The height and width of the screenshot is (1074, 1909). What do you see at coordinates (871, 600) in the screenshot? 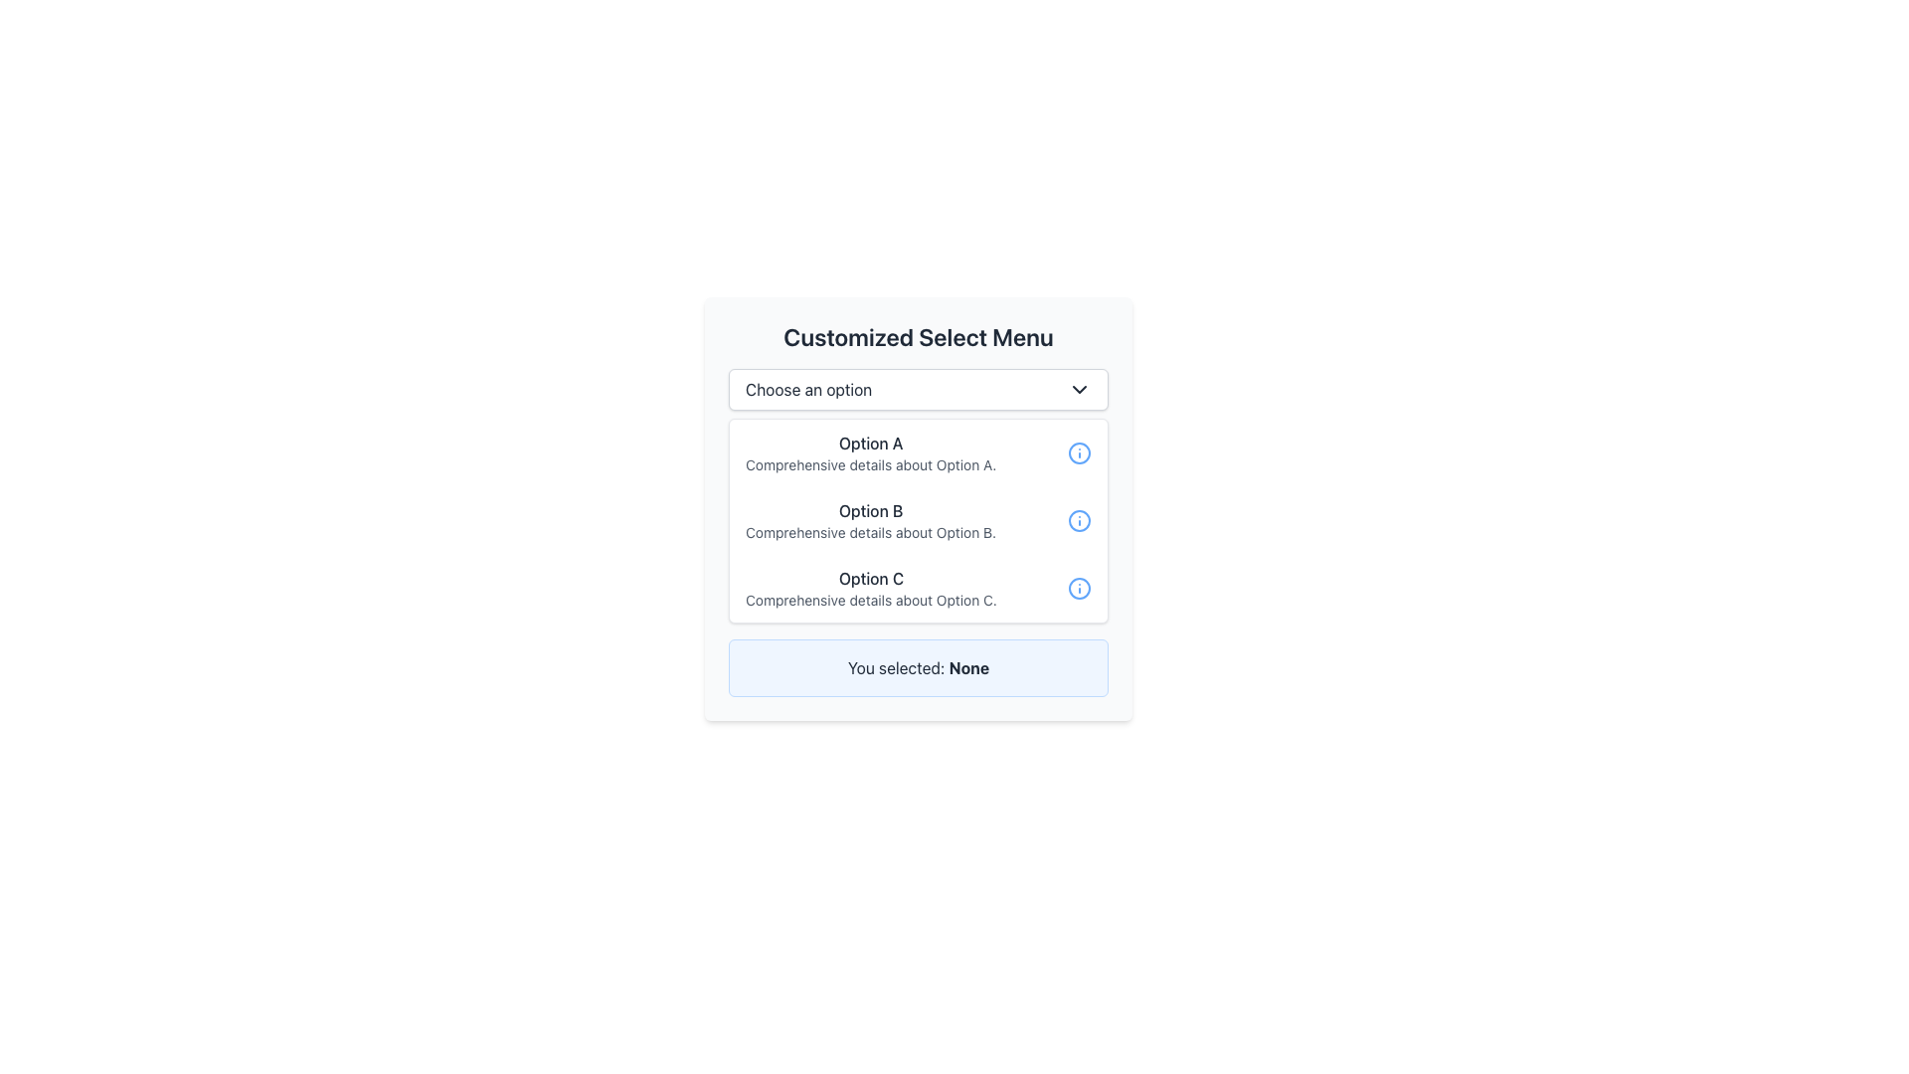
I see `the text label that reads 'Comprehensive details about Option C.', which is styled in a small gray font and located beneath the title 'Option C' in a vertical list of options` at bounding box center [871, 600].